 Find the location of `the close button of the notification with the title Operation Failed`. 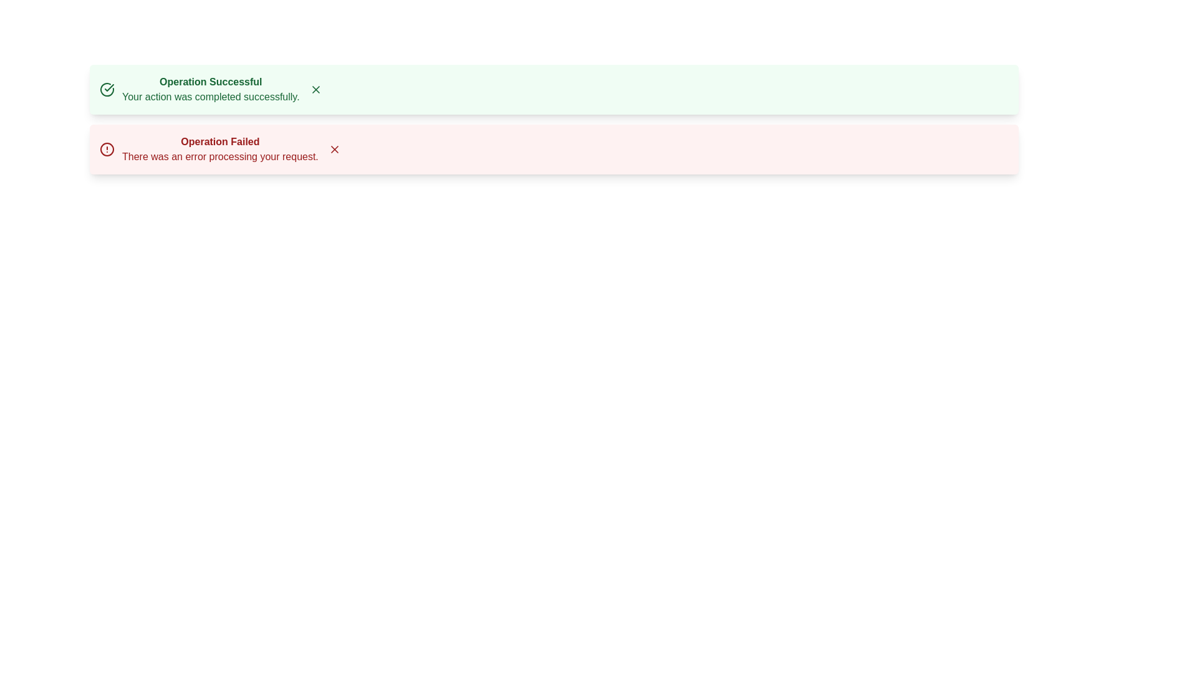

the close button of the notification with the title Operation Failed is located at coordinates (334, 148).